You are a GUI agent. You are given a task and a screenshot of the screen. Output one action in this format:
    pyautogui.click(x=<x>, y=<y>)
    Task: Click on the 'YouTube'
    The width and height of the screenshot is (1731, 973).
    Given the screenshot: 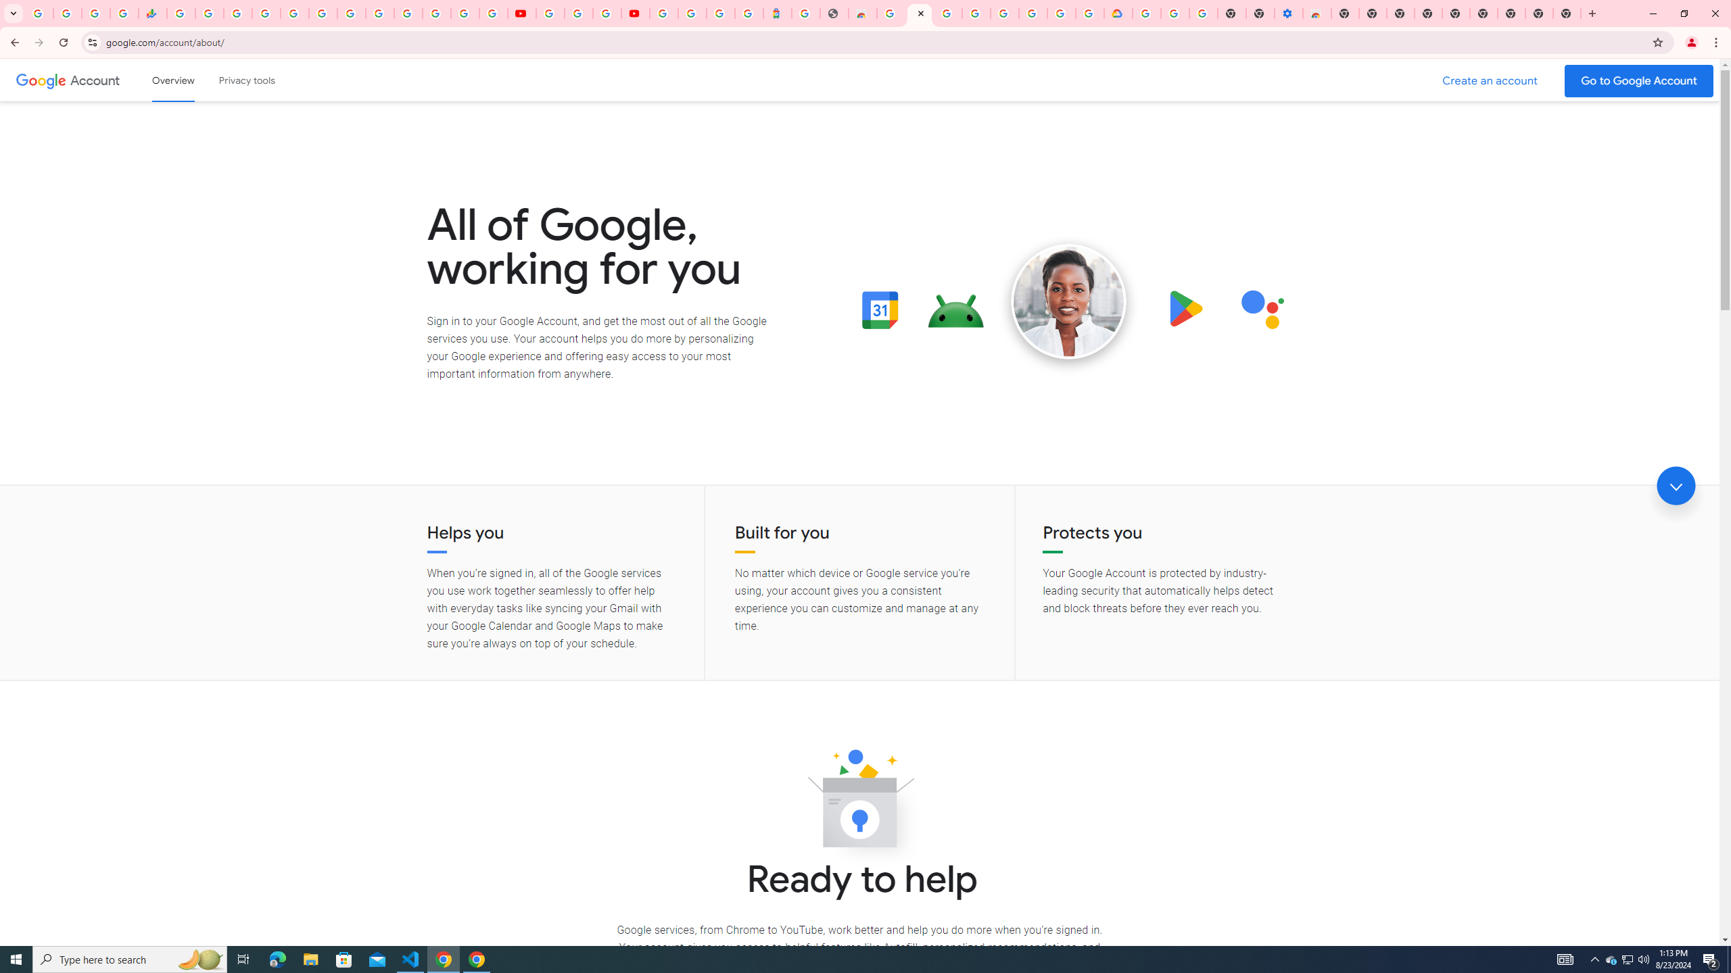 What is the action you would take?
    pyautogui.click(x=550, y=13)
    